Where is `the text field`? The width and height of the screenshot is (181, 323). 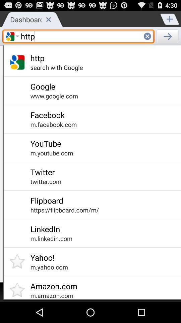 the text field is located at coordinates (78, 36).